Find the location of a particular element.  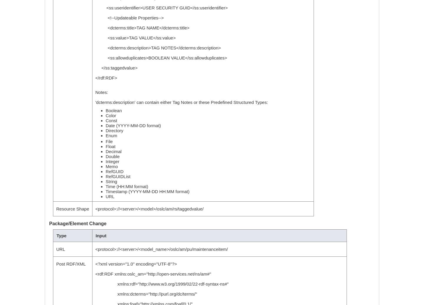

''dcterms:description' can contain either Tag Notes or these Predefined Structured Types:' is located at coordinates (95, 102).